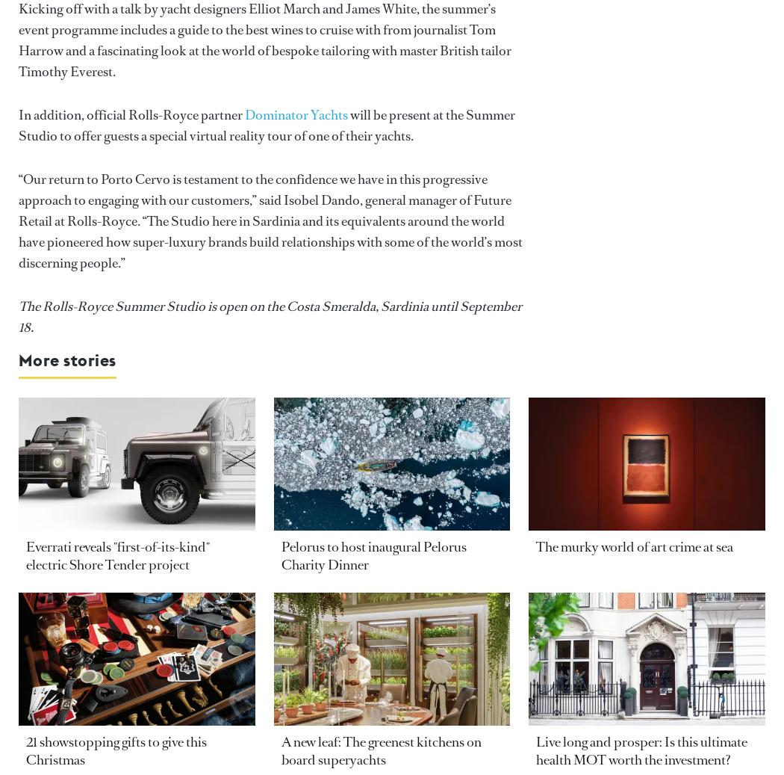 The width and height of the screenshot is (784, 775). Describe the element at coordinates (270, 220) in the screenshot. I see `'“Our return to Porto Cervo is testament to the confidence we have in this progressive approach to engaging with our customers,” said Isobel Dando, general manager of Future Retail at Rolls-Royce. “The Studio here in Sardinia and its equivalents around the world have pioneered how super-luxury brands build relationships with some of the world’s most discerning people.”'` at that location.